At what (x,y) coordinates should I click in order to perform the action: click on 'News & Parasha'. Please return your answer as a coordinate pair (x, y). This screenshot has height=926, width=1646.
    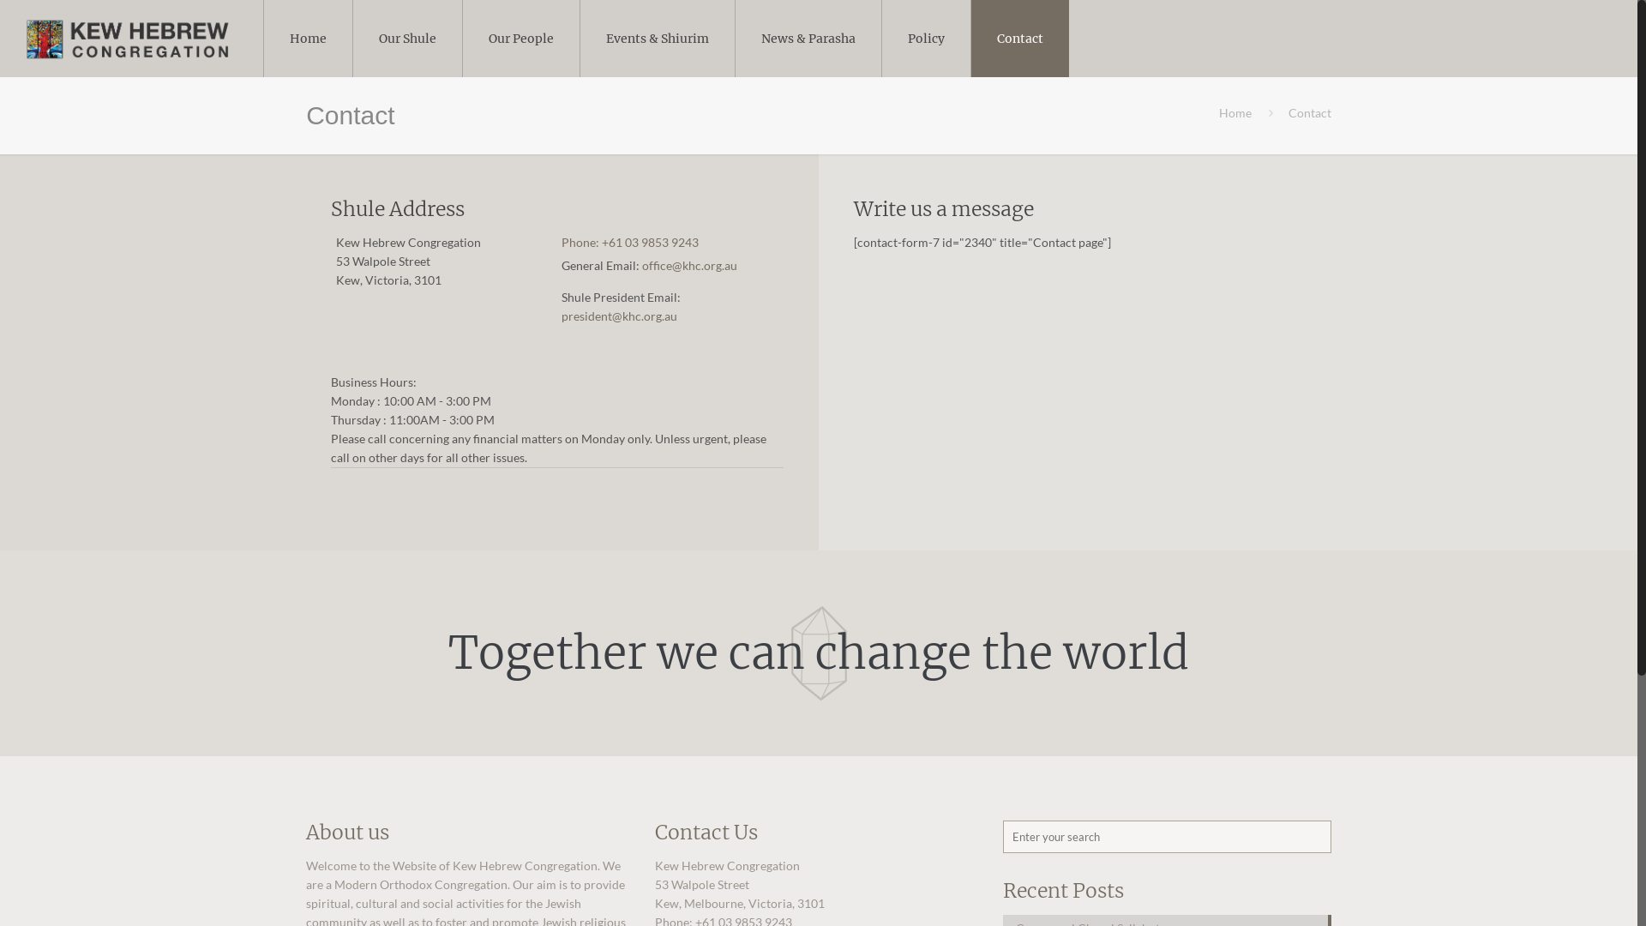
    Looking at the image, I should click on (808, 39).